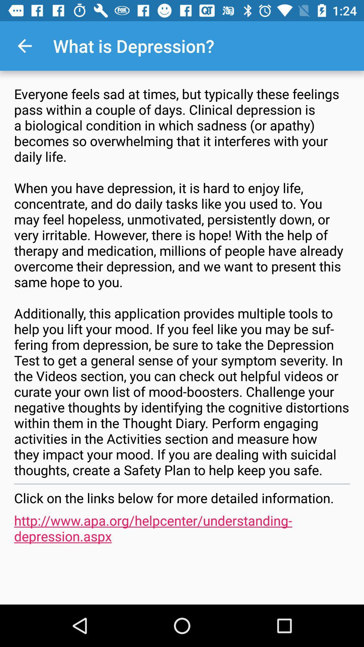  What do you see at coordinates (24, 45) in the screenshot?
I see `item at the top left corner` at bounding box center [24, 45].